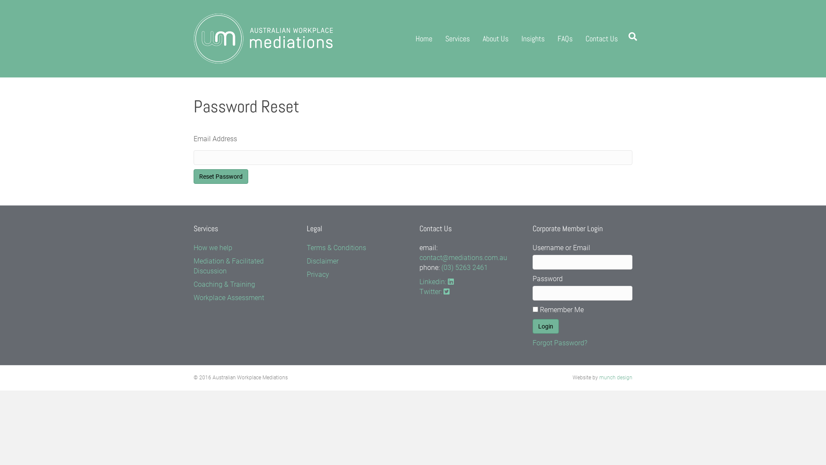 The width and height of the screenshot is (826, 465). Describe the element at coordinates (193, 176) in the screenshot. I see `'Reset Password'` at that location.